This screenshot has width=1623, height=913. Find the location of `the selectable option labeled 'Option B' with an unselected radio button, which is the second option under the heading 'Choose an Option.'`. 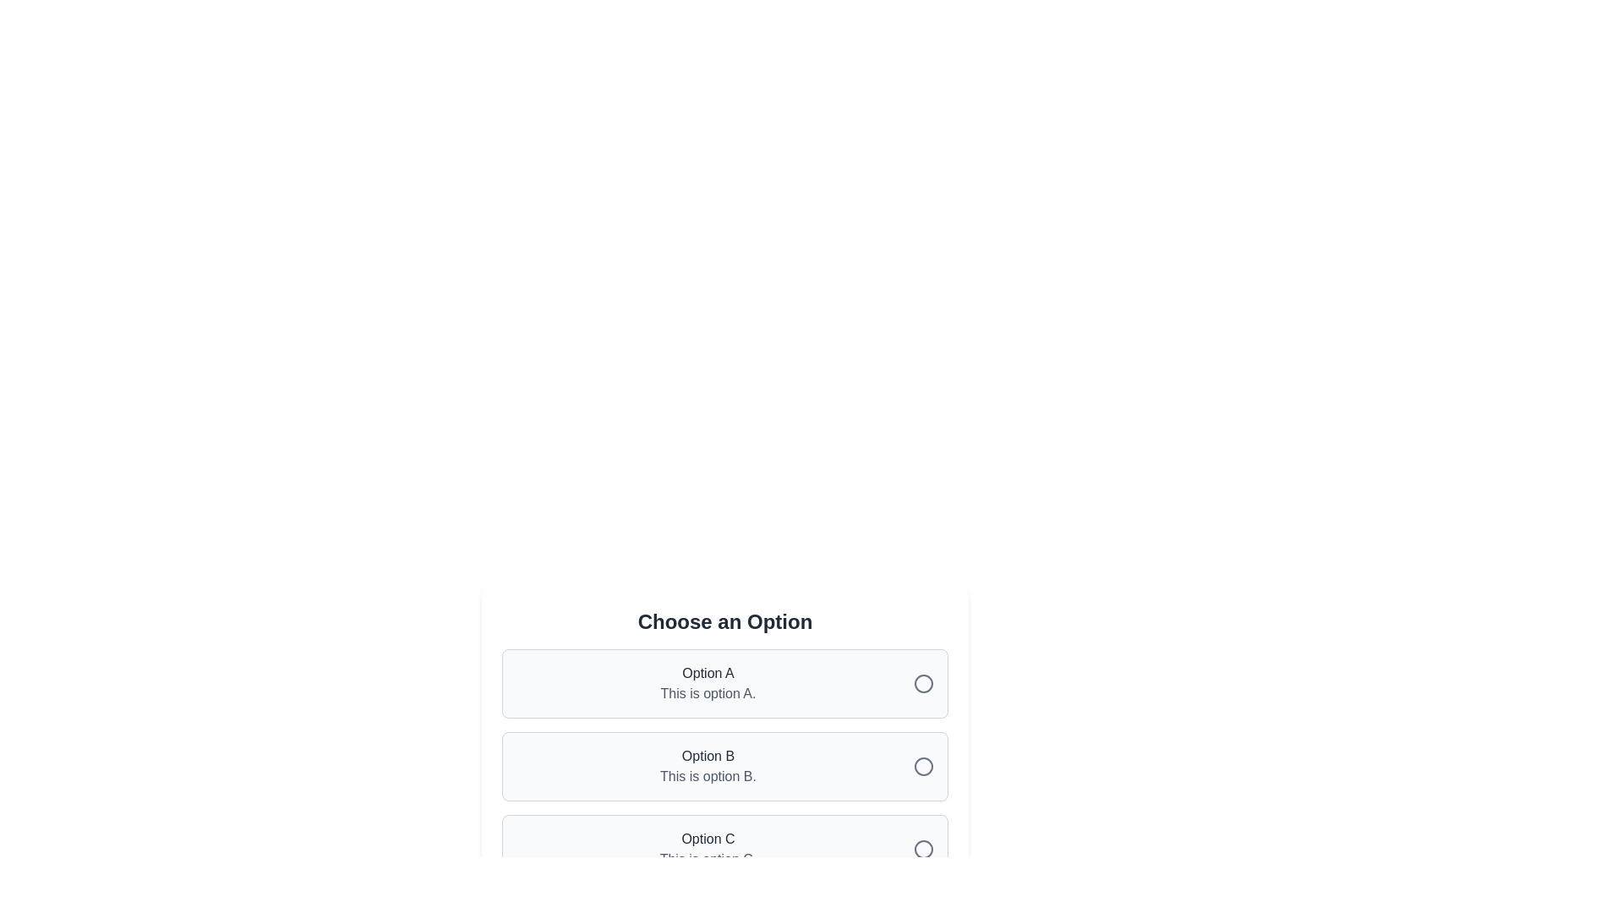

the selectable option labeled 'Option B' with an unselected radio button, which is the second option under the heading 'Choose an Option.' is located at coordinates (725, 746).